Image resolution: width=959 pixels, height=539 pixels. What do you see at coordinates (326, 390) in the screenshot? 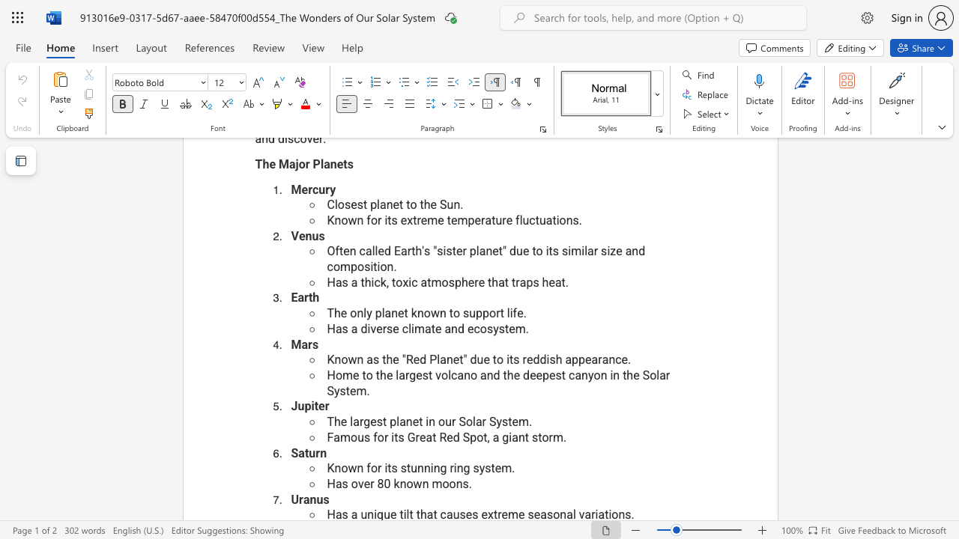
I see `the subset text "System." within the text "Home to the largest volcano and the deepest canyon in the Solar System."` at bounding box center [326, 390].